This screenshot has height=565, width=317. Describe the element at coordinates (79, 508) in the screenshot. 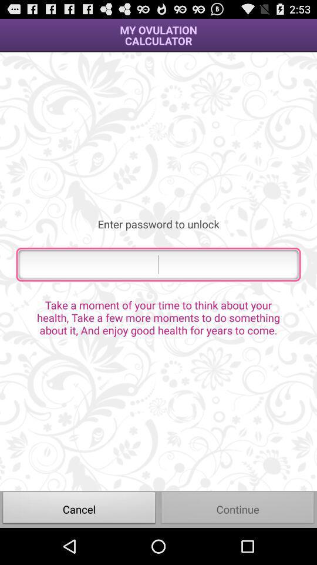

I see `the icon at the bottom left corner` at that location.